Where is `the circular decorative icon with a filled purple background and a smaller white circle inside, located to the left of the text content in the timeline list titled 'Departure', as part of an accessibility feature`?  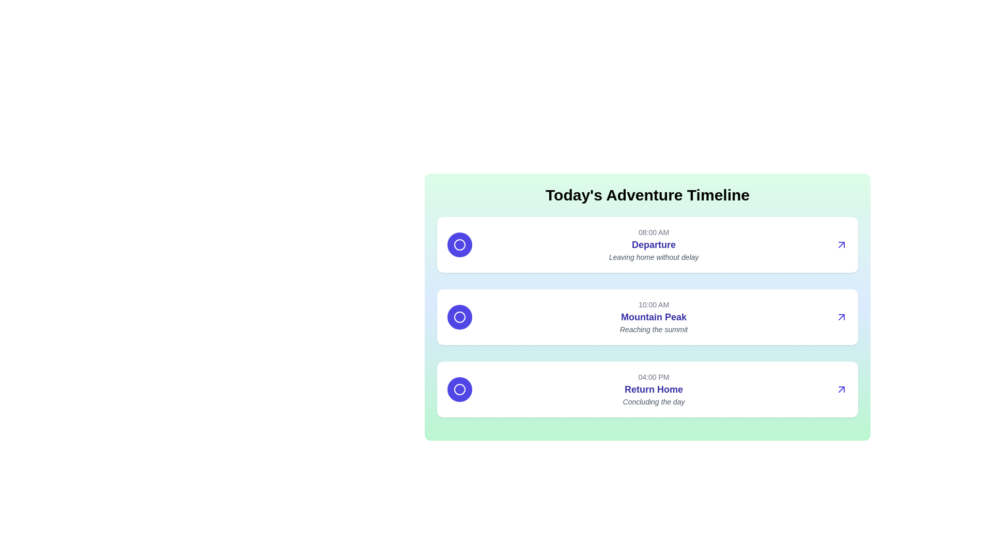
the circular decorative icon with a filled purple background and a smaller white circle inside, located to the left of the text content in the timeline list titled 'Departure', as part of an accessibility feature is located at coordinates (459, 245).